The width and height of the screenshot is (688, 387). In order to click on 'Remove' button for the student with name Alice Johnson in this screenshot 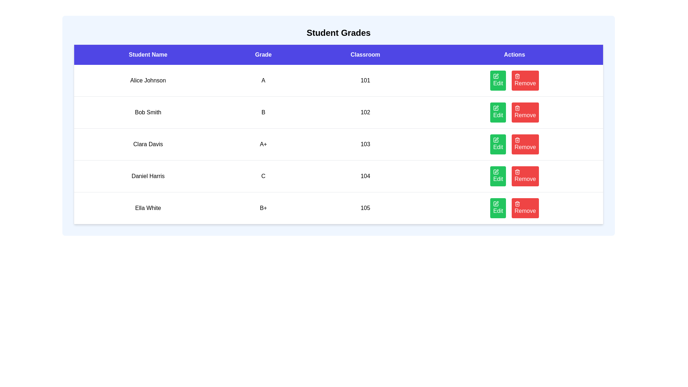, I will do `click(525, 80)`.